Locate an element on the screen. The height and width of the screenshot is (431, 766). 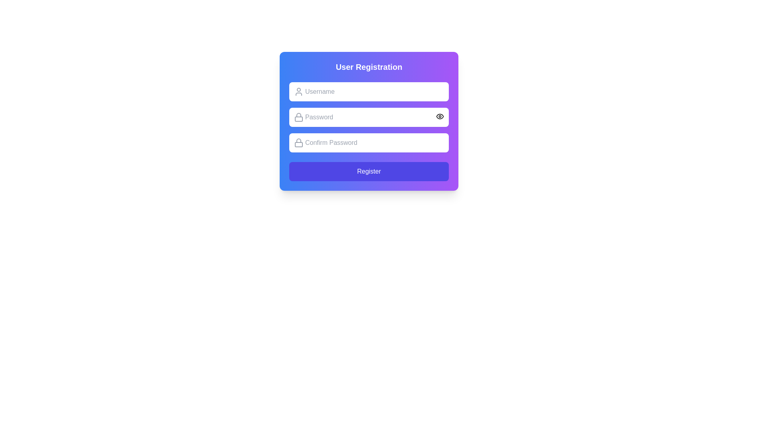
the eye-shaped icon in the password input field is located at coordinates (440, 117).